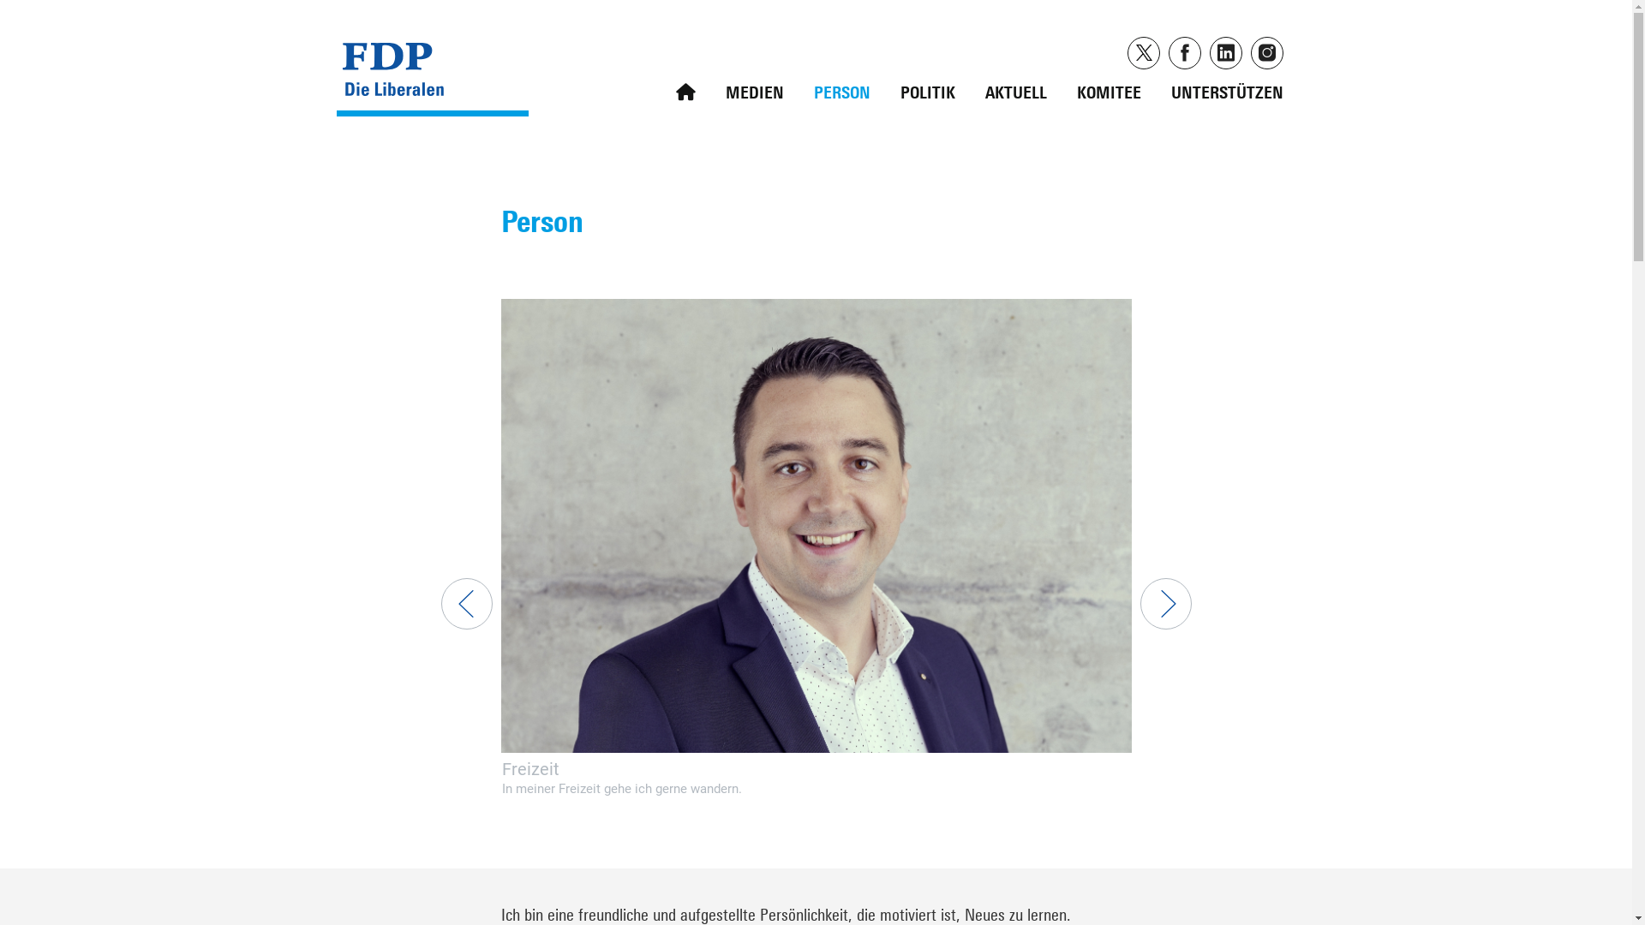 This screenshot has height=925, width=1645. I want to click on 'POLITIK', so click(927, 88).